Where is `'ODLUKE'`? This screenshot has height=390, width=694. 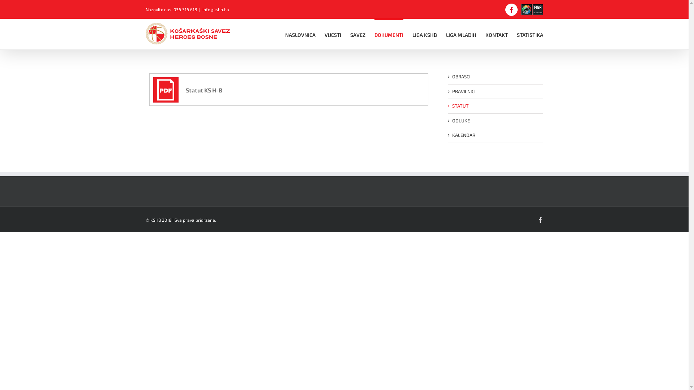
'ODLUKE' is located at coordinates (460, 120).